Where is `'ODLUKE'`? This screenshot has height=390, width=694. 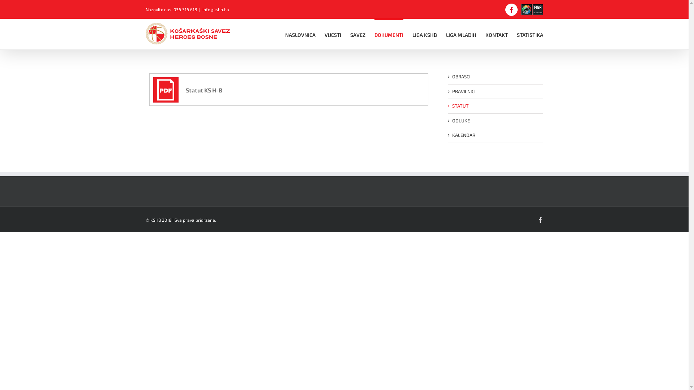
'ODLUKE' is located at coordinates (460, 120).